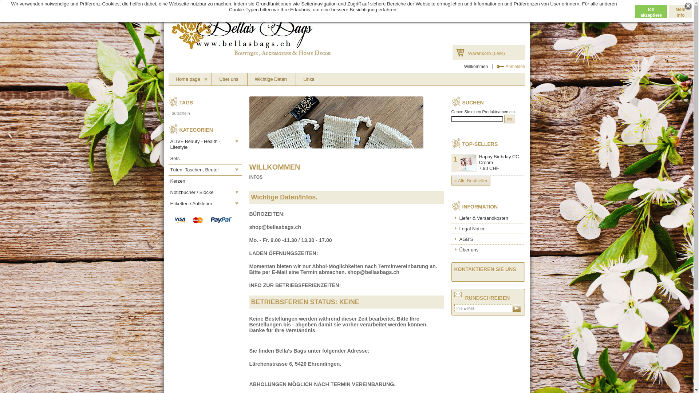 The image size is (699, 393). Describe the element at coordinates (501, 162) in the screenshot. I see `'Happy Birthday CC Cream` at that location.